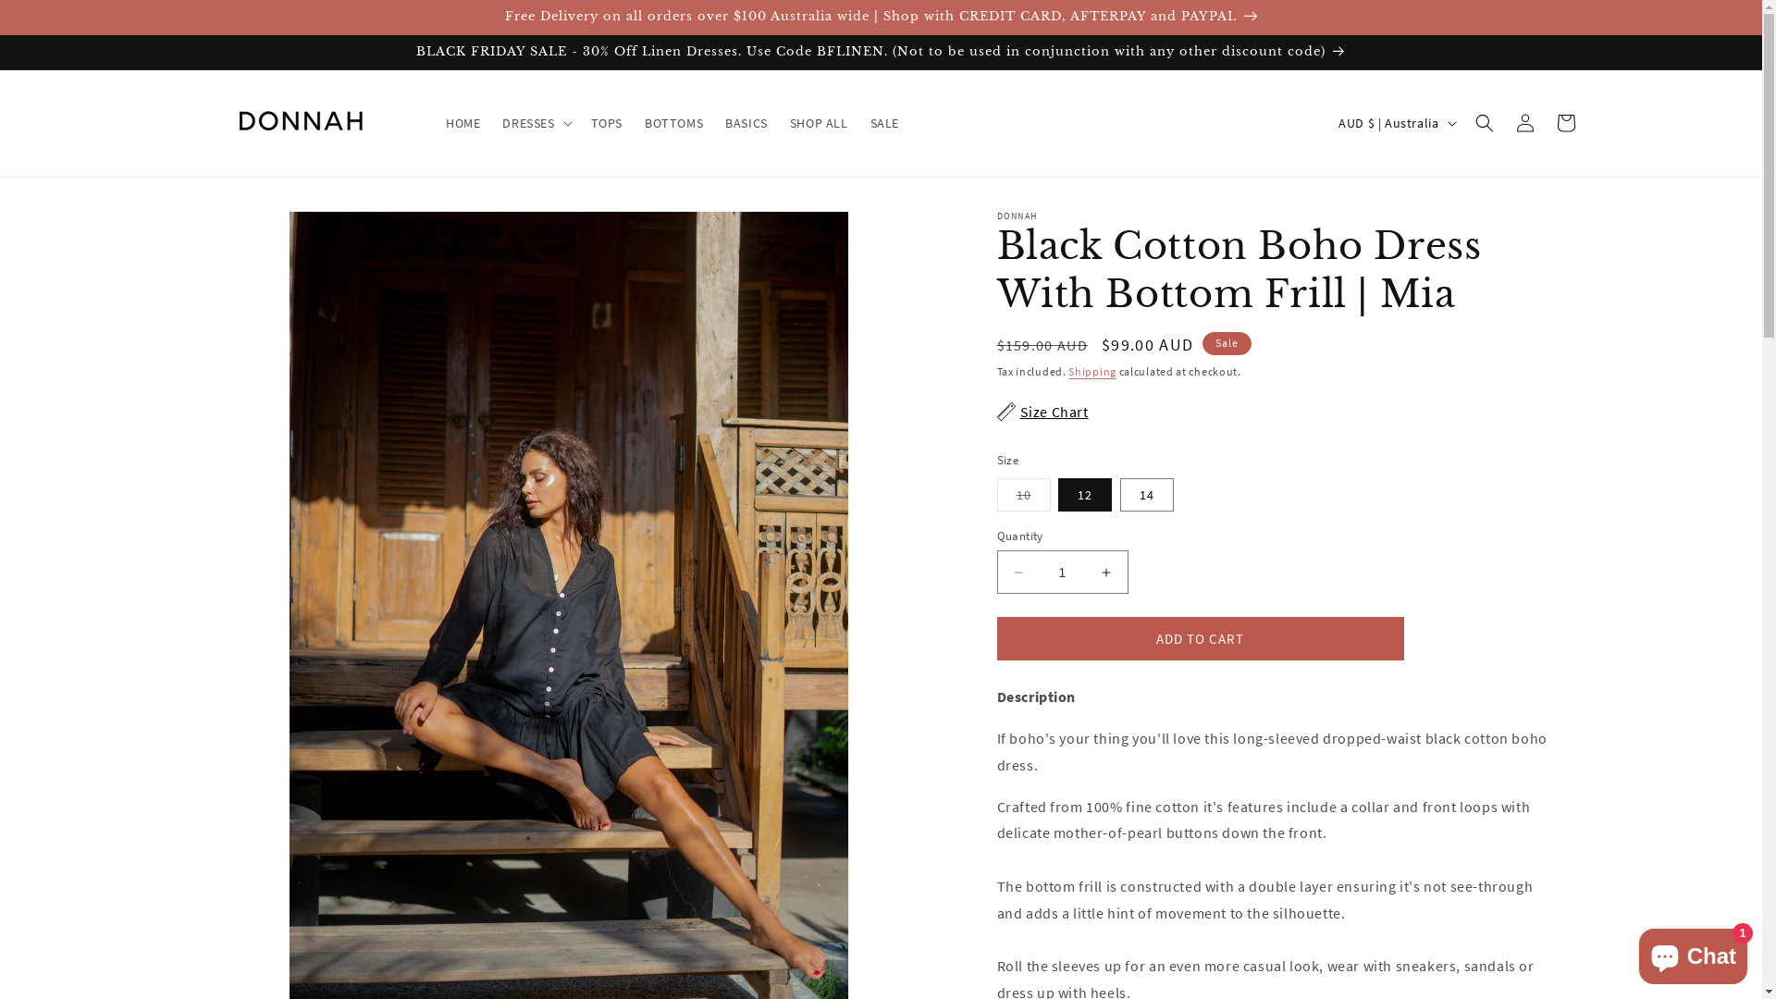  Describe the element at coordinates (672, 122) in the screenshot. I see `'BOTTOMS'` at that location.